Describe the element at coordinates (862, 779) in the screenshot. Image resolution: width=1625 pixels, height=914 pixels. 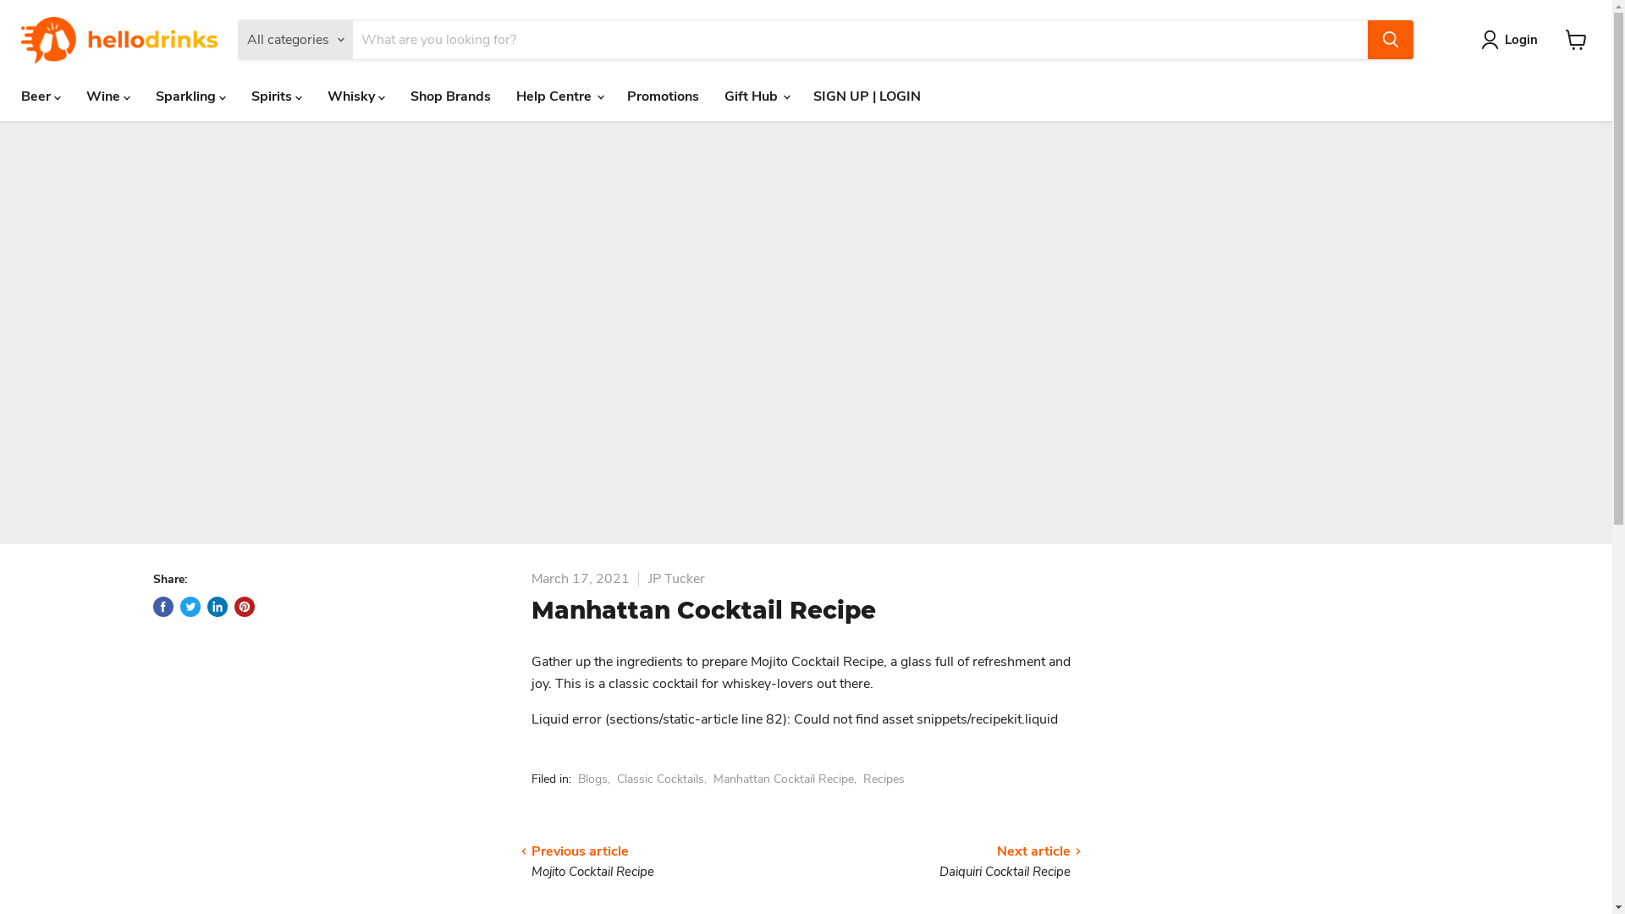
I see `'Recipes'` at that location.